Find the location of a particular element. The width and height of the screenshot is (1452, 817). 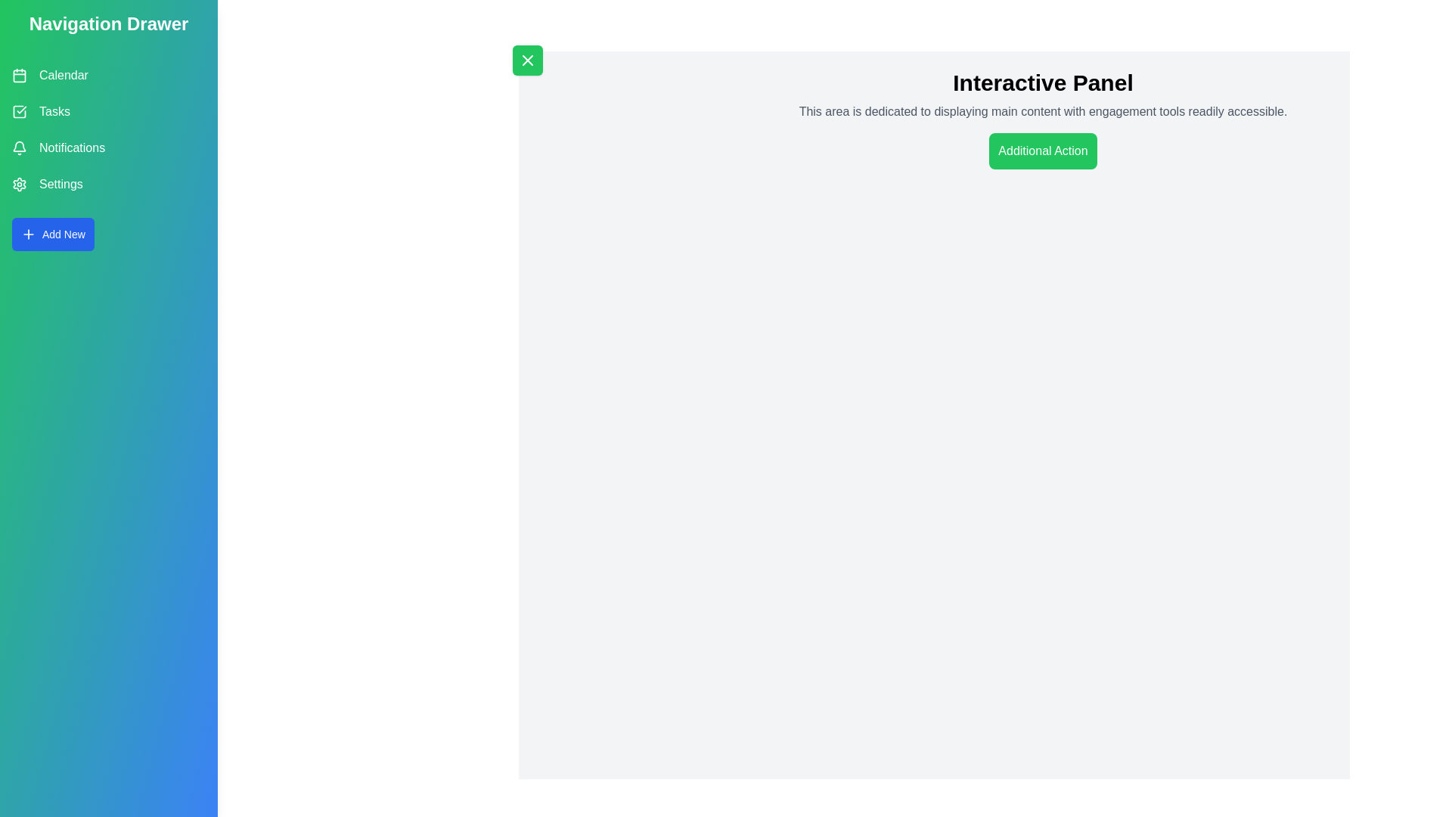

the square green button with a white 'X' icon in the center, located in the top-left corner of the main content area is located at coordinates (527, 60).